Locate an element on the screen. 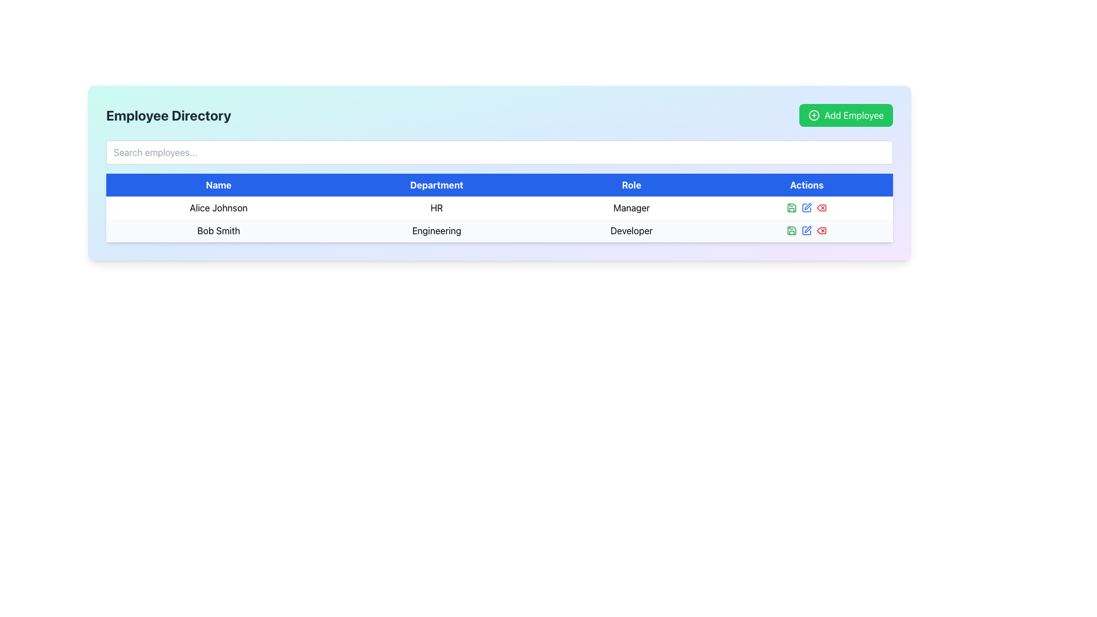  the edit icon button located in the 'Actions' column of the second row for user 'Bob Smith' to initiate editing is located at coordinates (806, 231).